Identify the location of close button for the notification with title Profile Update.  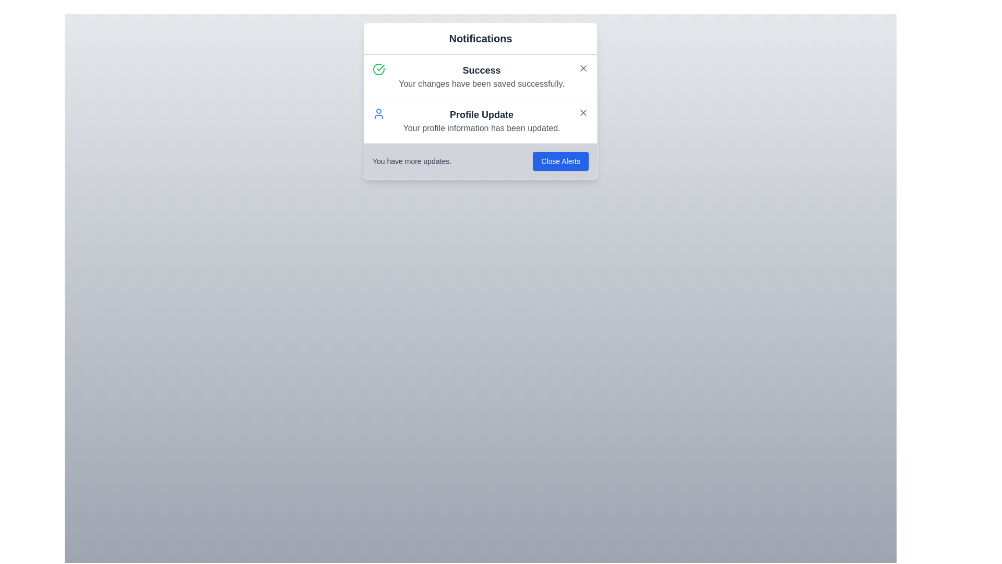
(583, 113).